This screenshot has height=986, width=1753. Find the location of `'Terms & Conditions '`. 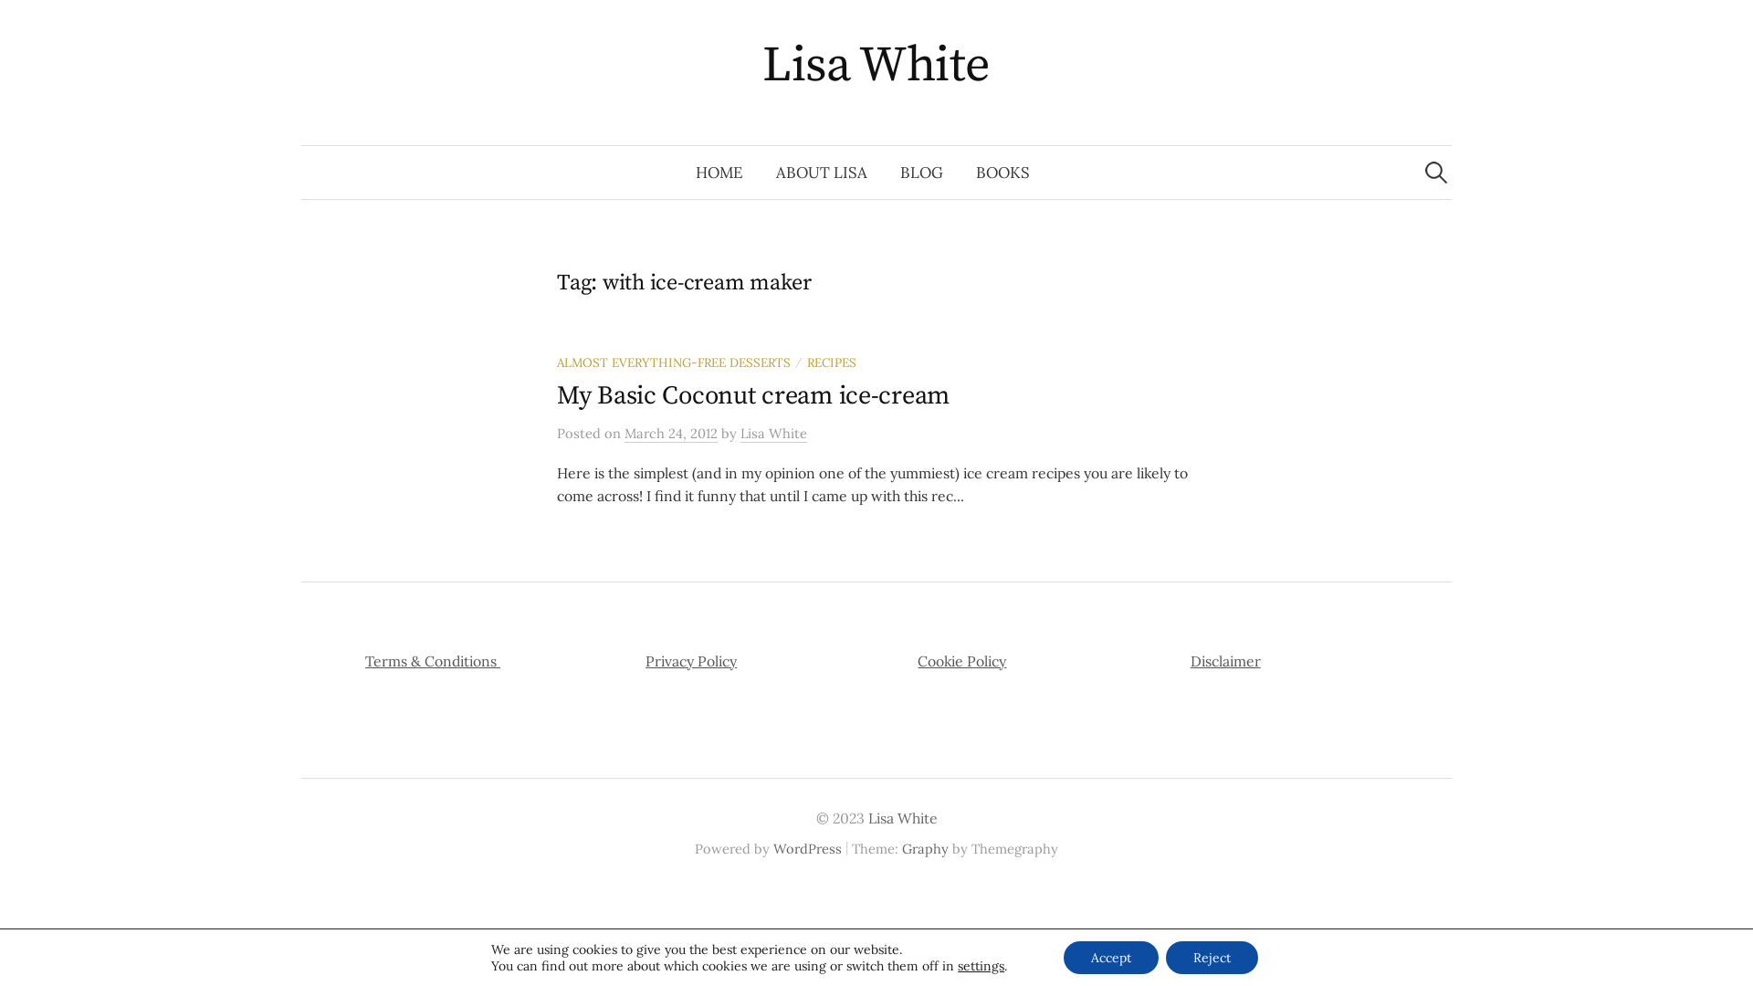

'Terms & Conditions ' is located at coordinates (432, 661).